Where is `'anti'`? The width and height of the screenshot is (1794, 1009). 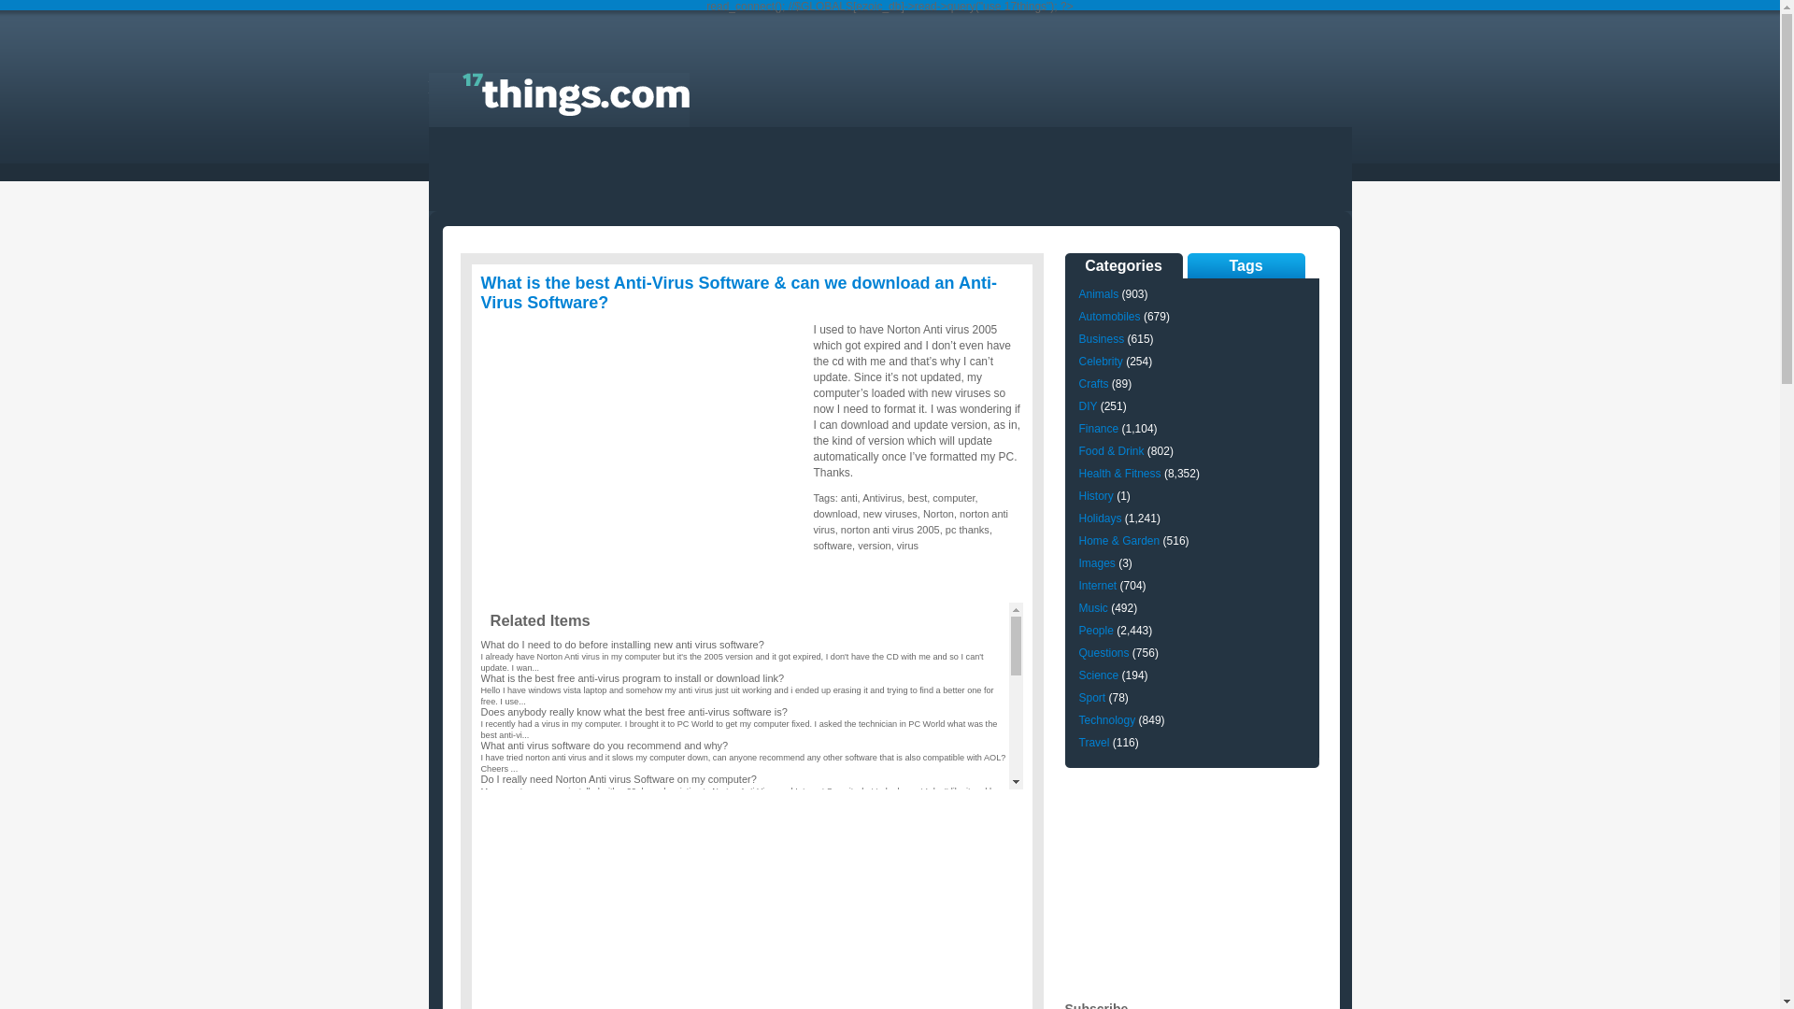 'anti' is located at coordinates (847, 496).